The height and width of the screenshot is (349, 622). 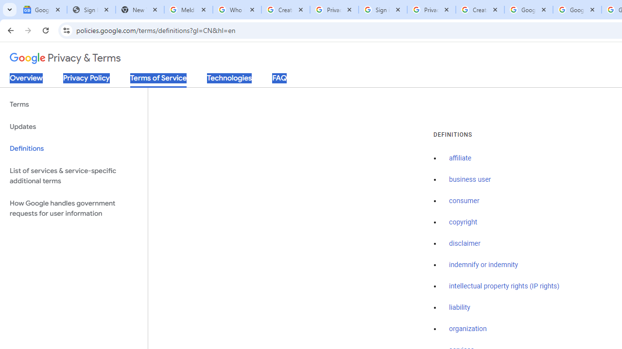 I want to click on 'Sign In - USA TODAY', so click(x=91, y=10).